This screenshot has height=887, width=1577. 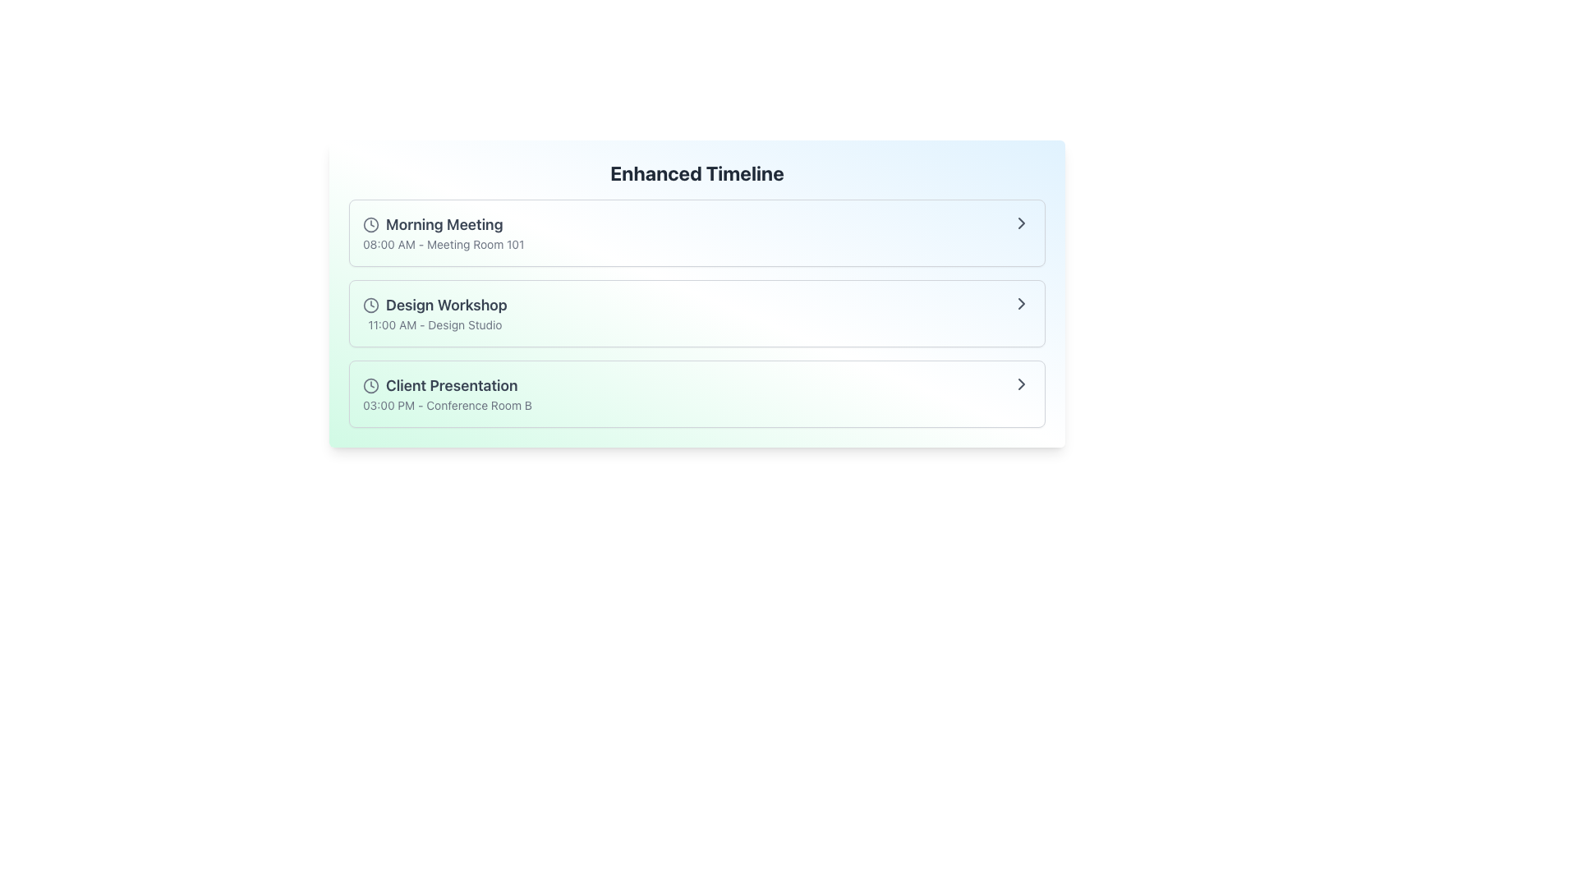 What do you see at coordinates (697, 393) in the screenshot?
I see `the third item in the timeline UI list, which is a light green rectangular box containing 'Client Presentation' and a rightward arrow icon` at bounding box center [697, 393].